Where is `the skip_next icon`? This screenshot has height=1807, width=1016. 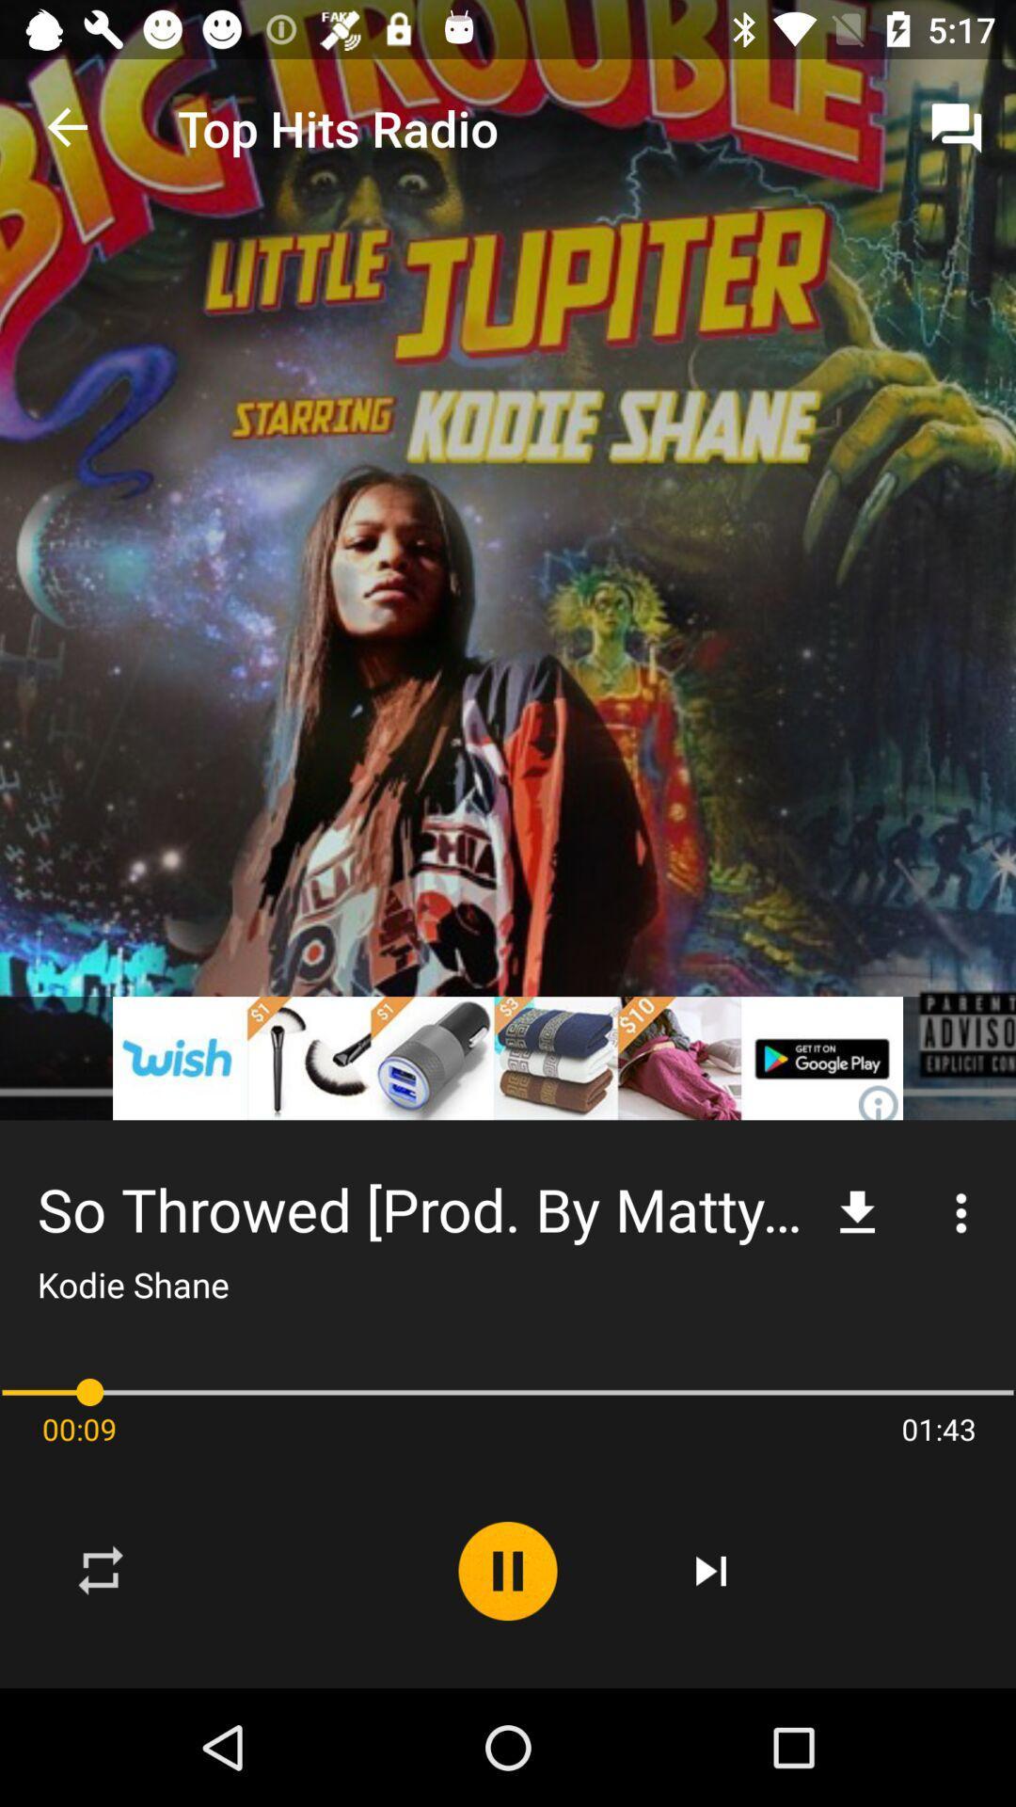
the skip_next icon is located at coordinates (711, 1571).